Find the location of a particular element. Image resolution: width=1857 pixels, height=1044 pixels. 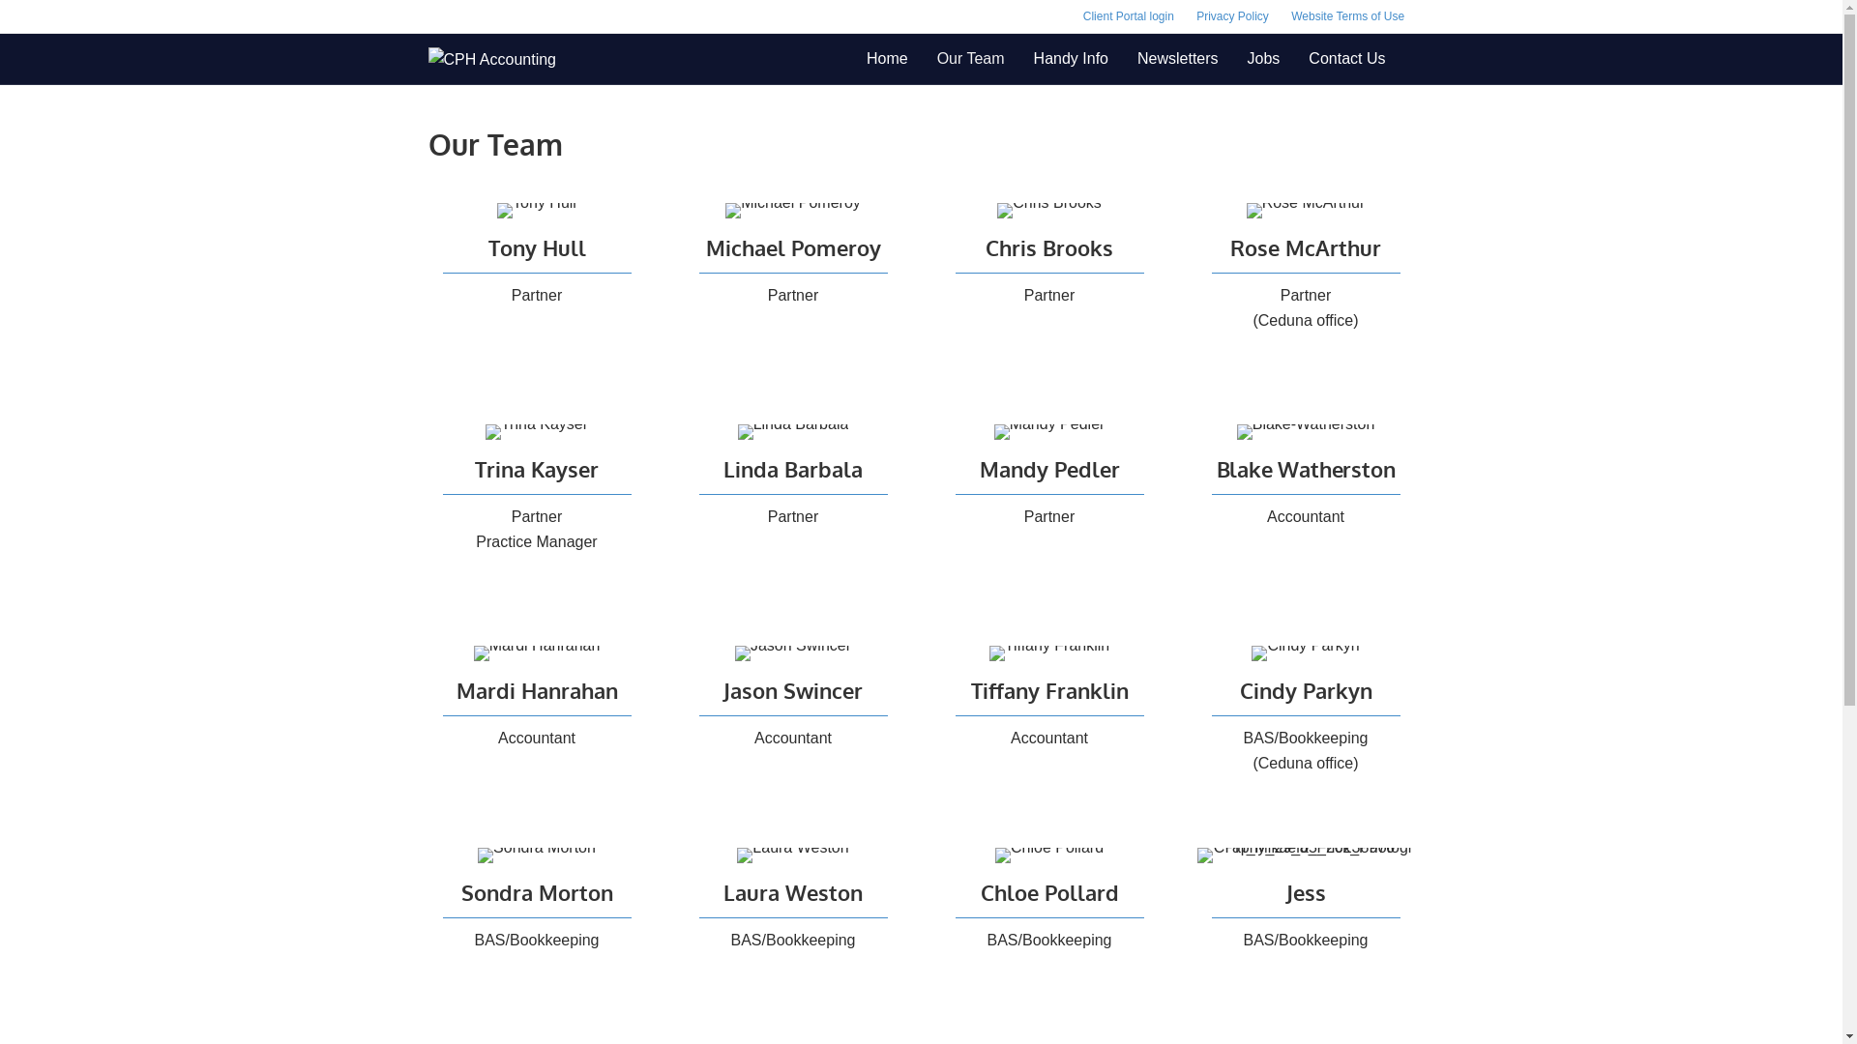

'Home' is located at coordinates (886, 58).